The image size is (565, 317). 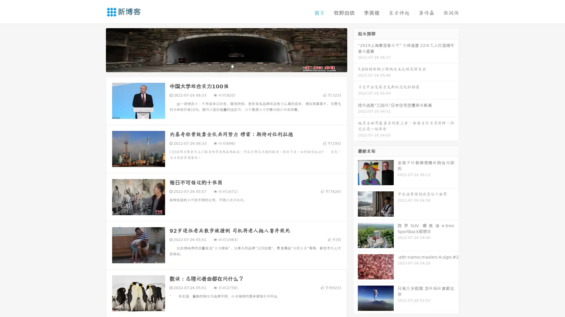 What do you see at coordinates (232, 66) in the screenshot?
I see `Go to slide 3` at bounding box center [232, 66].